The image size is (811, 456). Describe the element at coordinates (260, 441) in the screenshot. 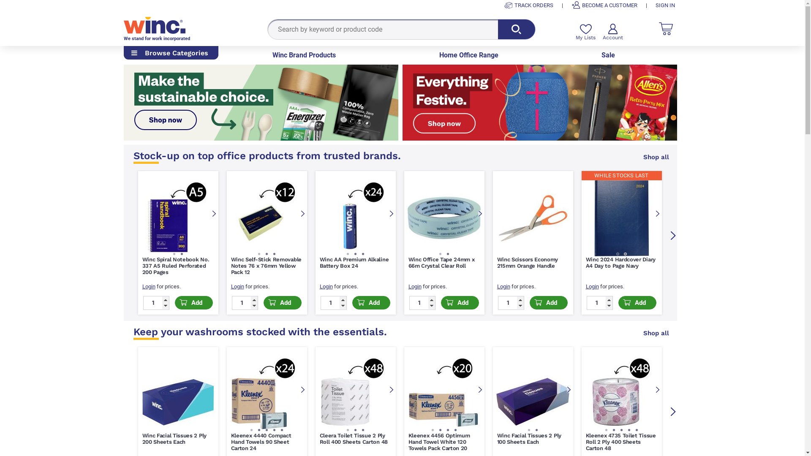

I see `'Kleenex 4440 Compact Hand Towels 90 Sheet Carton 24'` at that location.